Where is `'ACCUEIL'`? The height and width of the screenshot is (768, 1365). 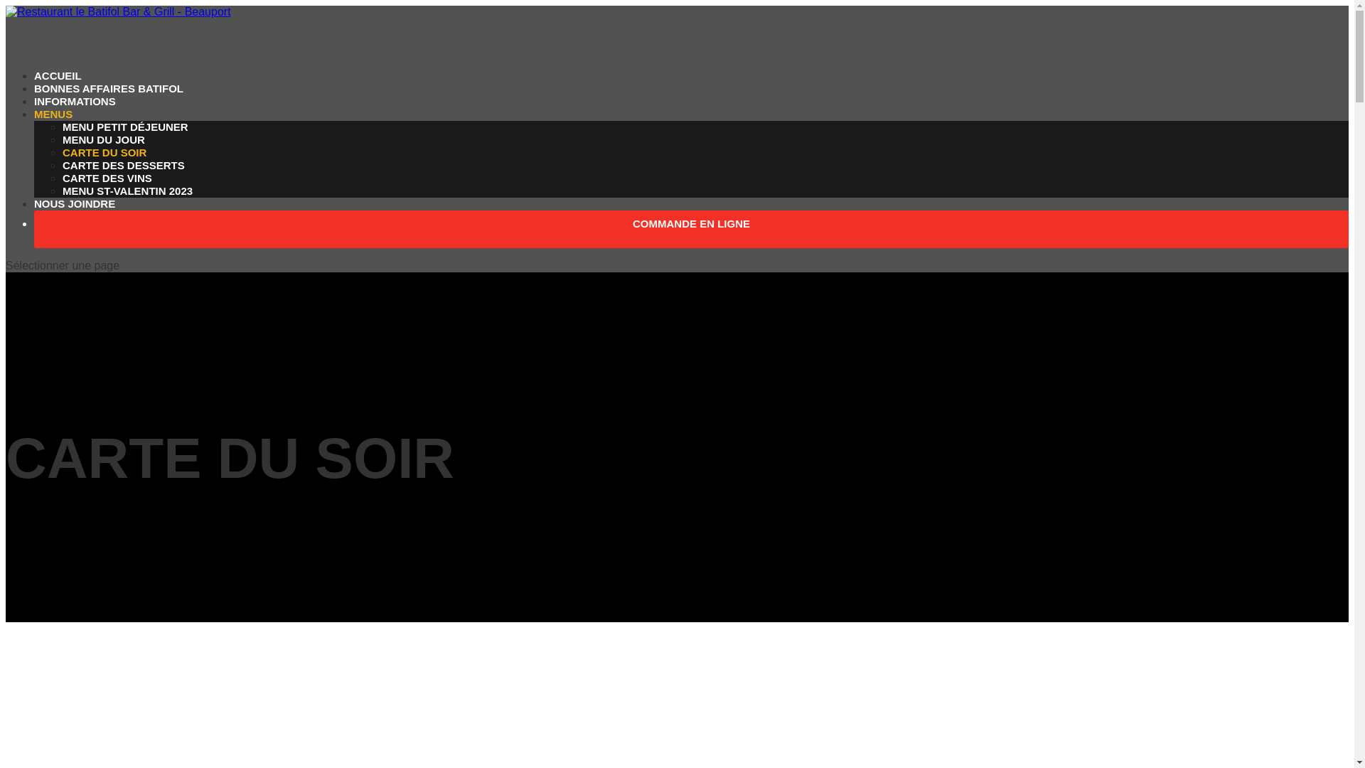
'ACCUEIL' is located at coordinates (57, 95).